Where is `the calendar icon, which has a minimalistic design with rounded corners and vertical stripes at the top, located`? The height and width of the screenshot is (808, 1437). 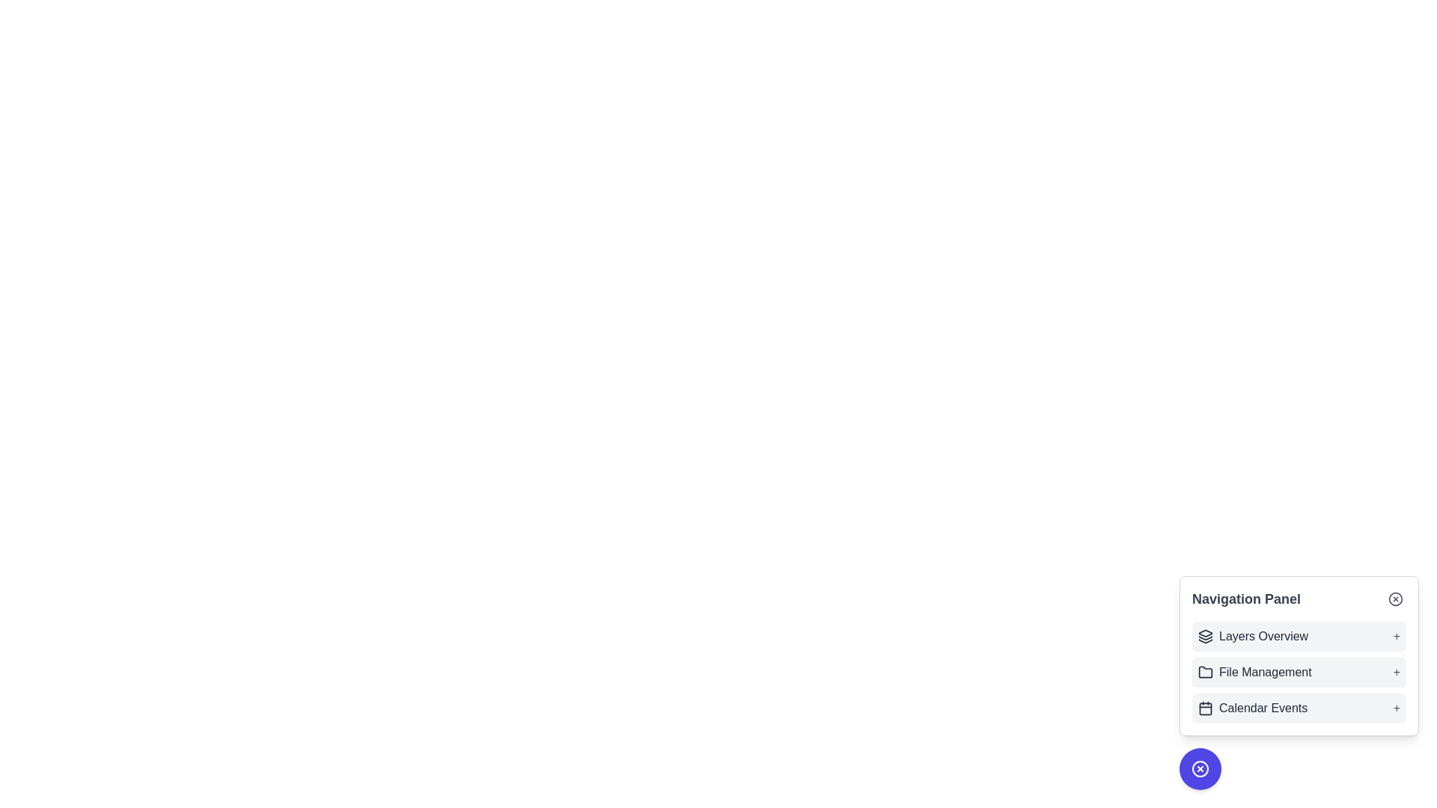 the calendar icon, which has a minimalistic design with rounded corners and vertical stripes at the top, located is located at coordinates (1206, 708).